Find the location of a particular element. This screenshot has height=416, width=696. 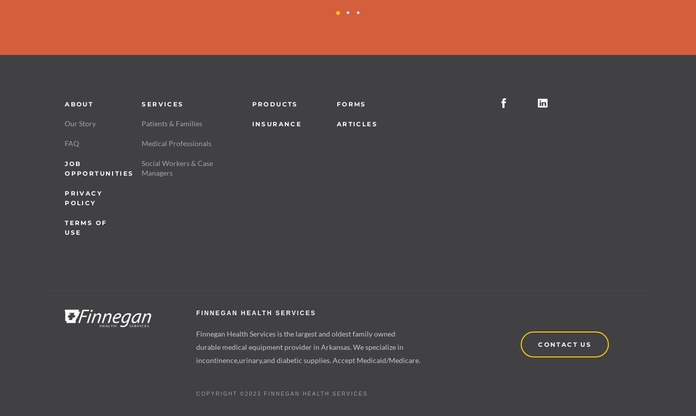

'Medical Professionals' is located at coordinates (176, 143).